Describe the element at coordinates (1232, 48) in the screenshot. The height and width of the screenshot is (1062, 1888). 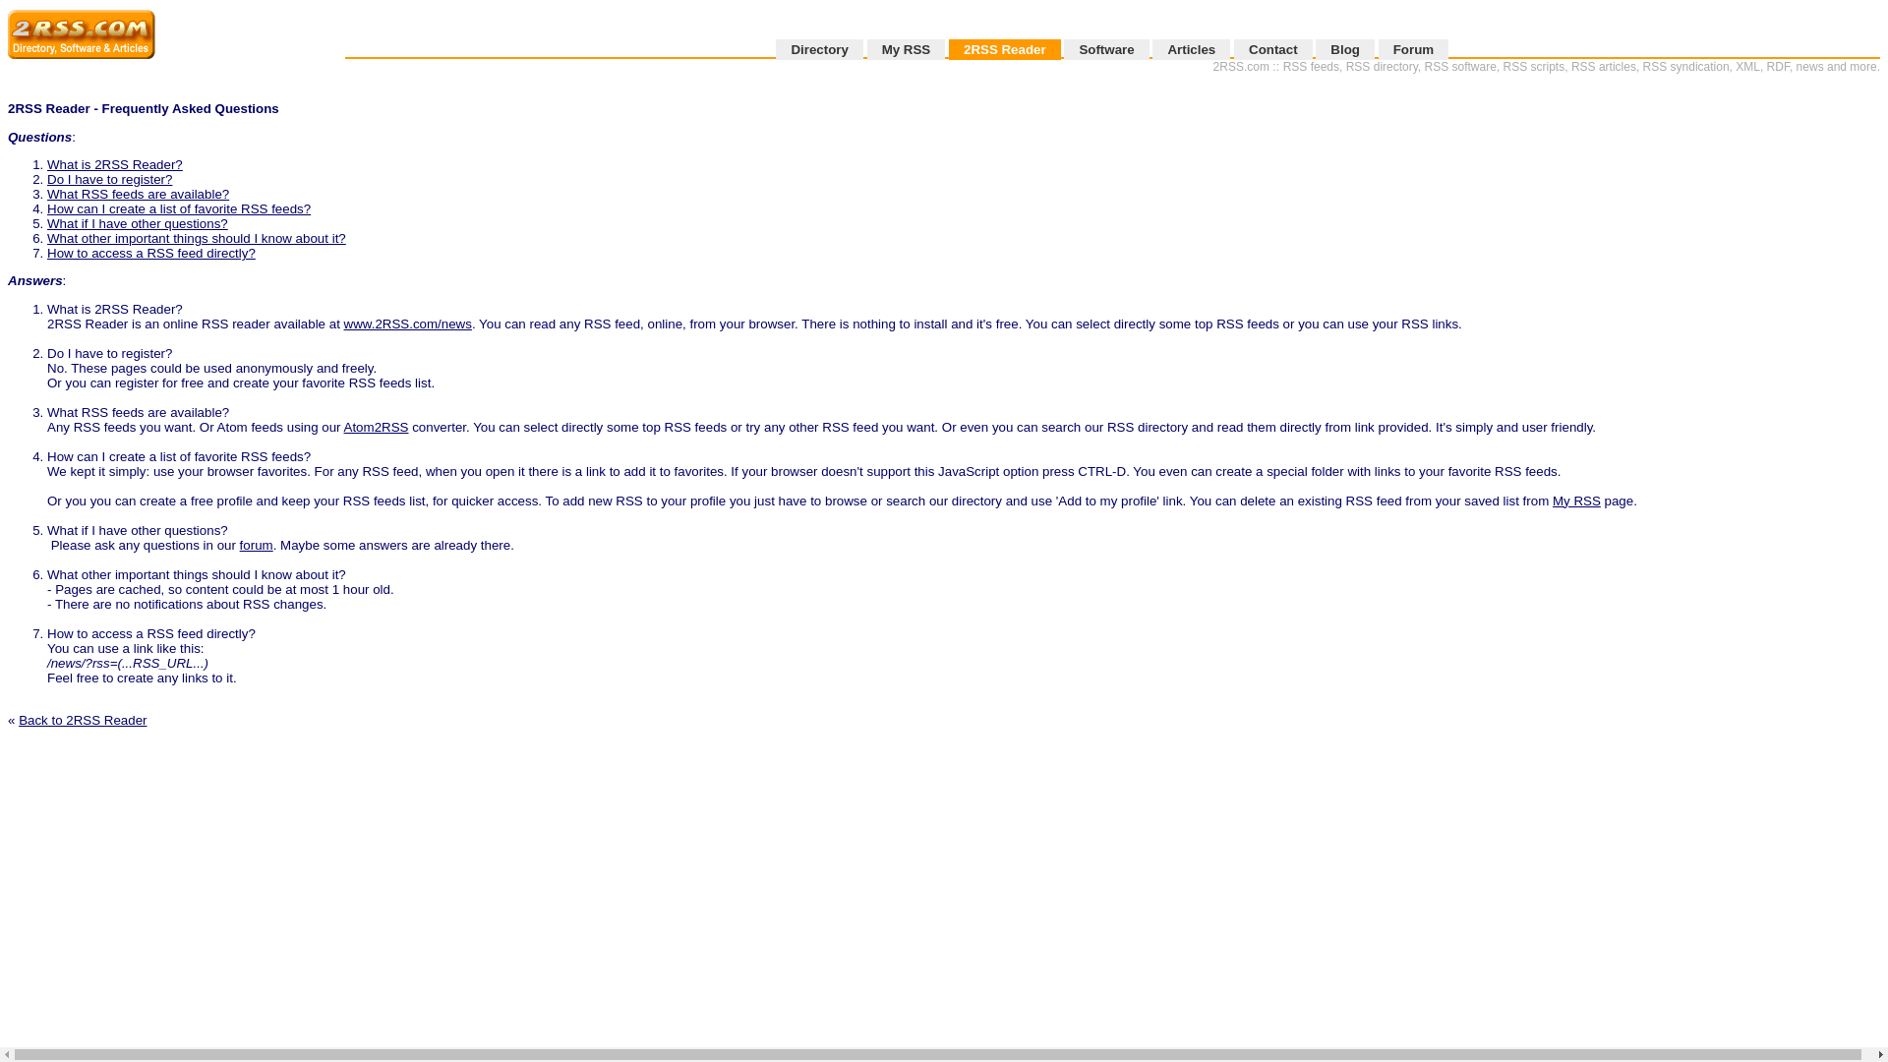
I see `'Contact'` at that location.